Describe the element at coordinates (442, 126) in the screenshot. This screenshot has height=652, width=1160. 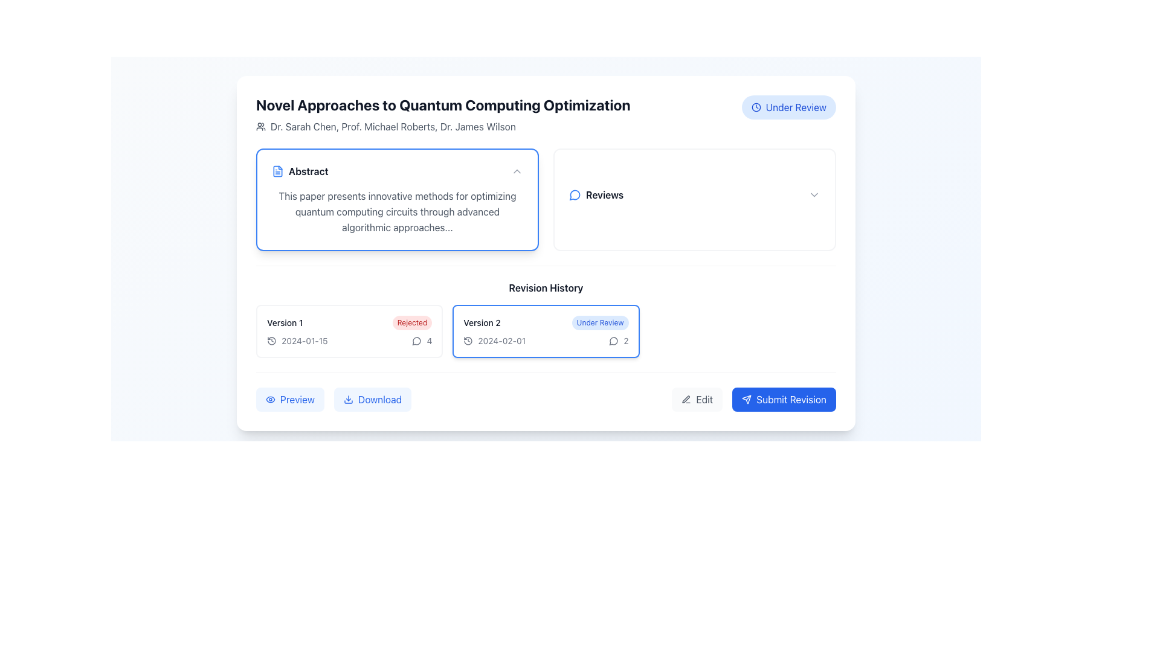
I see `text displayed below the title 'Novel Approaches to Quantum Computing Optimization' which shows the contributors or authors associated with the content` at that location.